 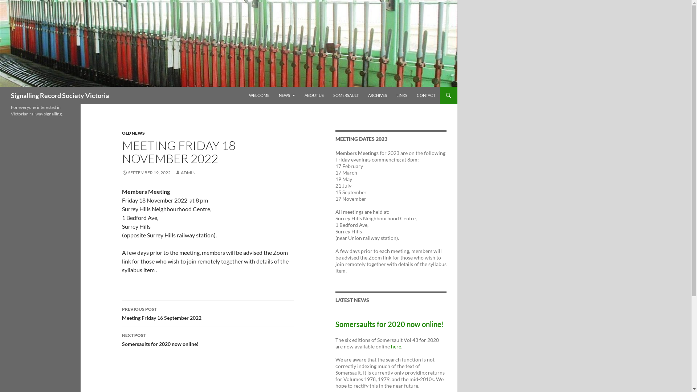 I want to click on 'Signalling Record Society Victoria', so click(x=60, y=95).